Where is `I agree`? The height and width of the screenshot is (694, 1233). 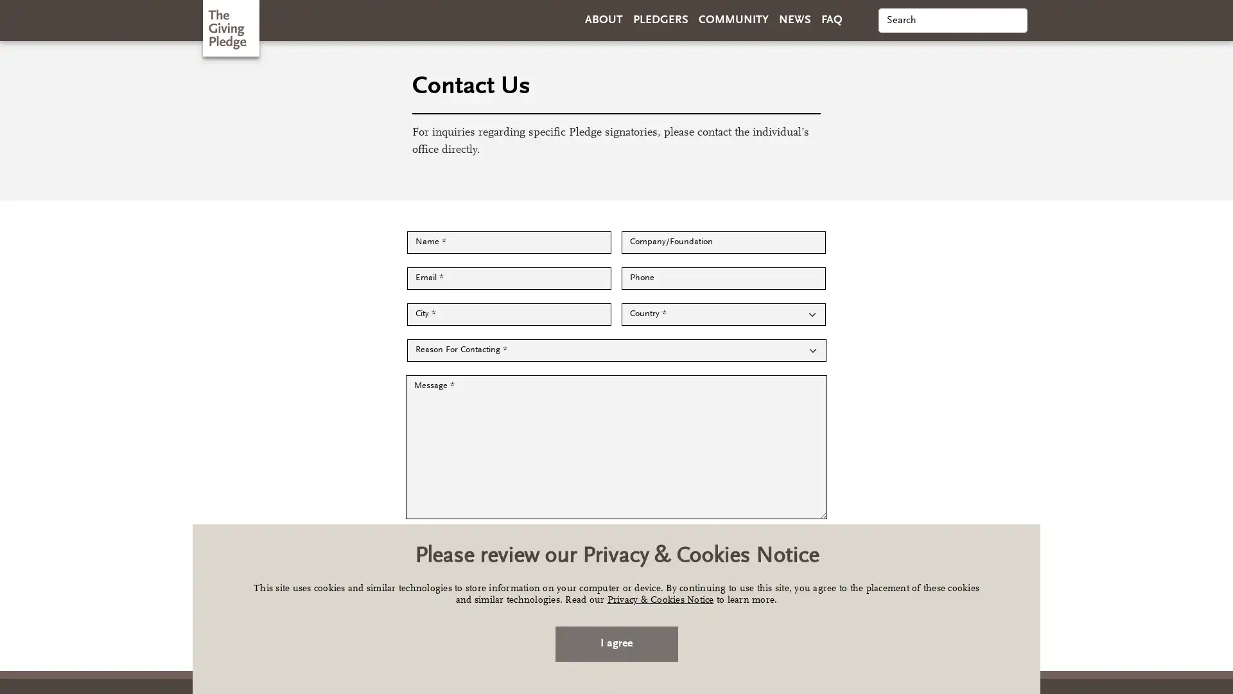
I agree is located at coordinates (615, 644).